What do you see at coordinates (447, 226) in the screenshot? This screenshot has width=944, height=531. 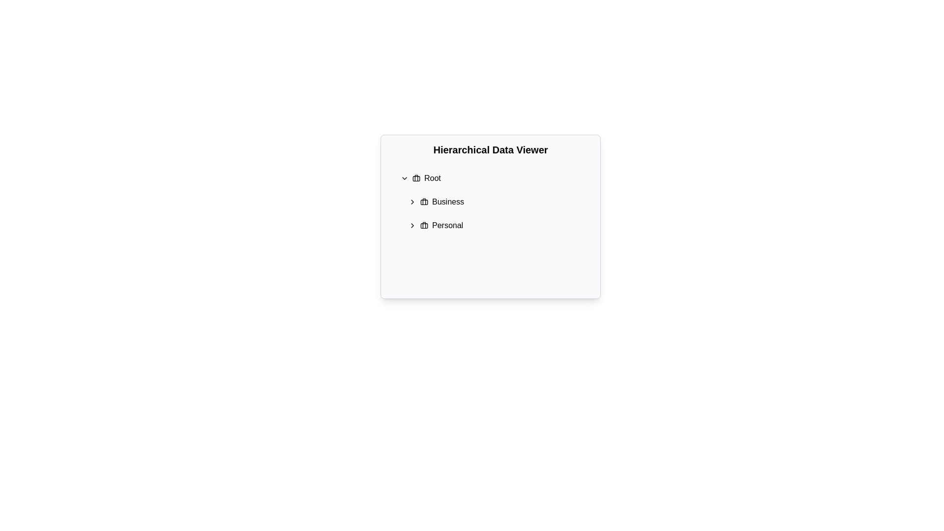 I see `the text label reading 'Personal', which is in a structured hierarchical menu below the 'Business' item and to the right of a briefcase icon` at bounding box center [447, 226].